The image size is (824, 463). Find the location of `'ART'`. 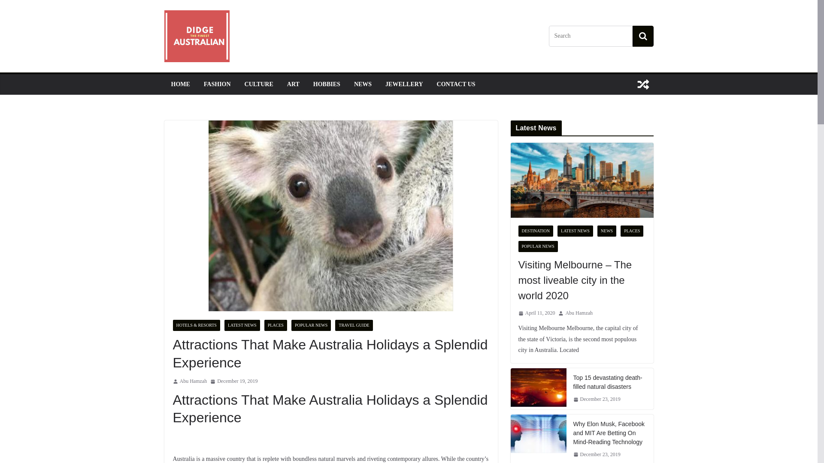

'ART' is located at coordinates (293, 84).